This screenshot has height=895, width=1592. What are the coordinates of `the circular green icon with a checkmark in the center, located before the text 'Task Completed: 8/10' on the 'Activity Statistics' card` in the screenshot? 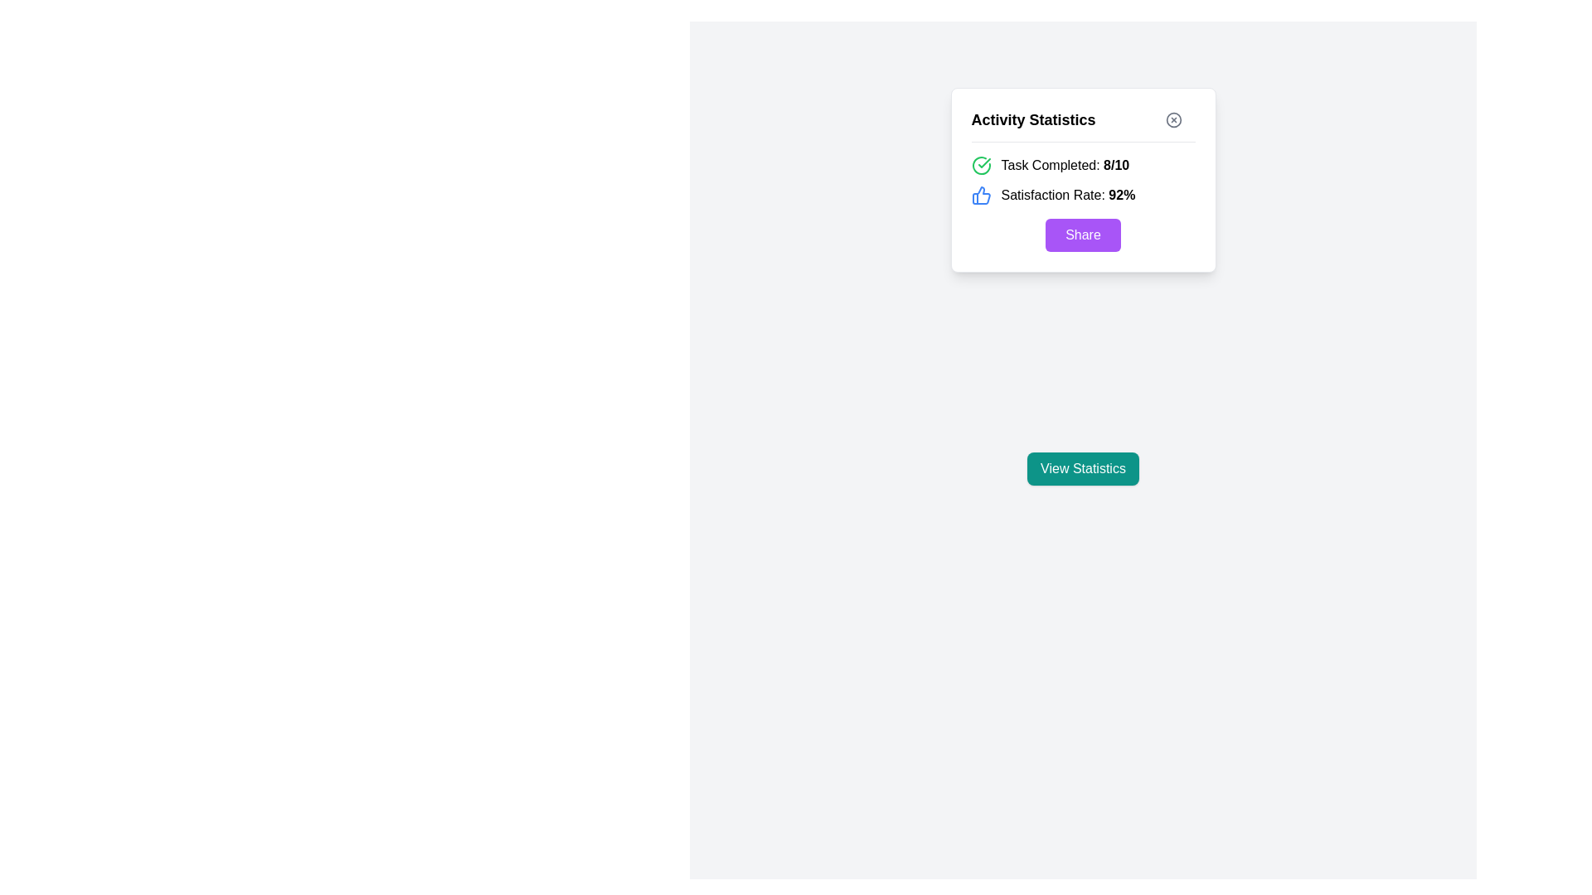 It's located at (981, 166).